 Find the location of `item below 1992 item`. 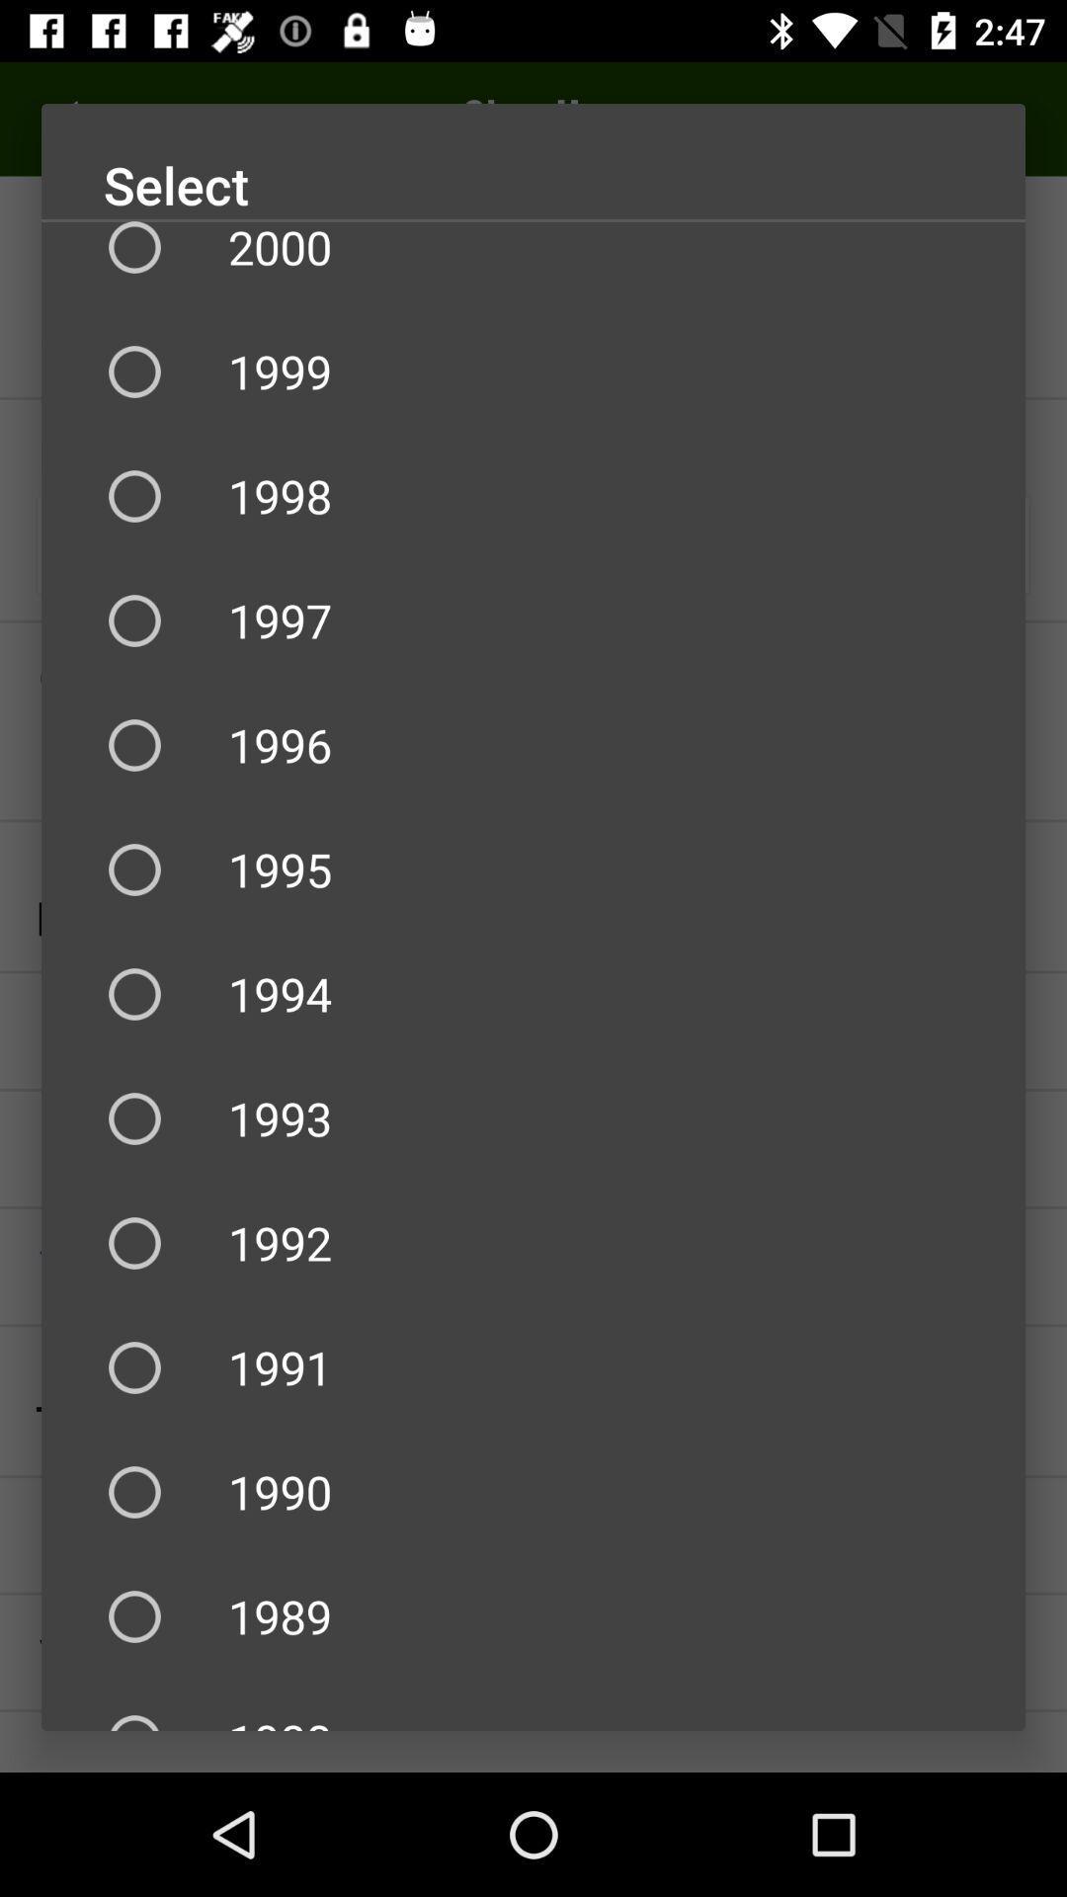

item below 1992 item is located at coordinates (533, 1366).